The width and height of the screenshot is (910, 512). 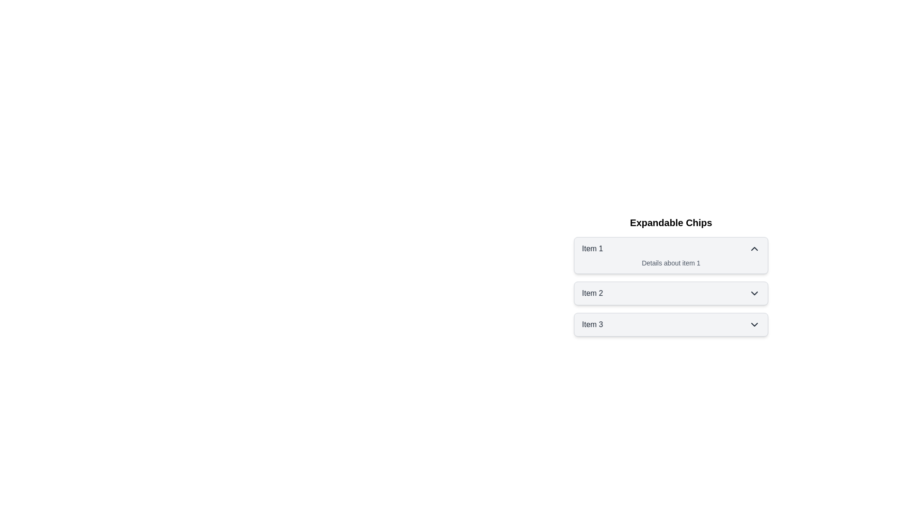 I want to click on the label of chip Item 1 to toggle its state, so click(x=591, y=248).